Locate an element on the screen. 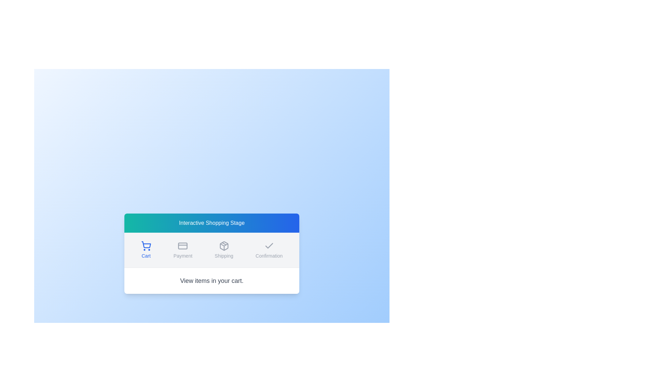 This screenshot has height=369, width=656. the checkmark icon located in the 'Confirmation' section of the step navigation bar, indicating a completed step or selected option is located at coordinates (269, 245).